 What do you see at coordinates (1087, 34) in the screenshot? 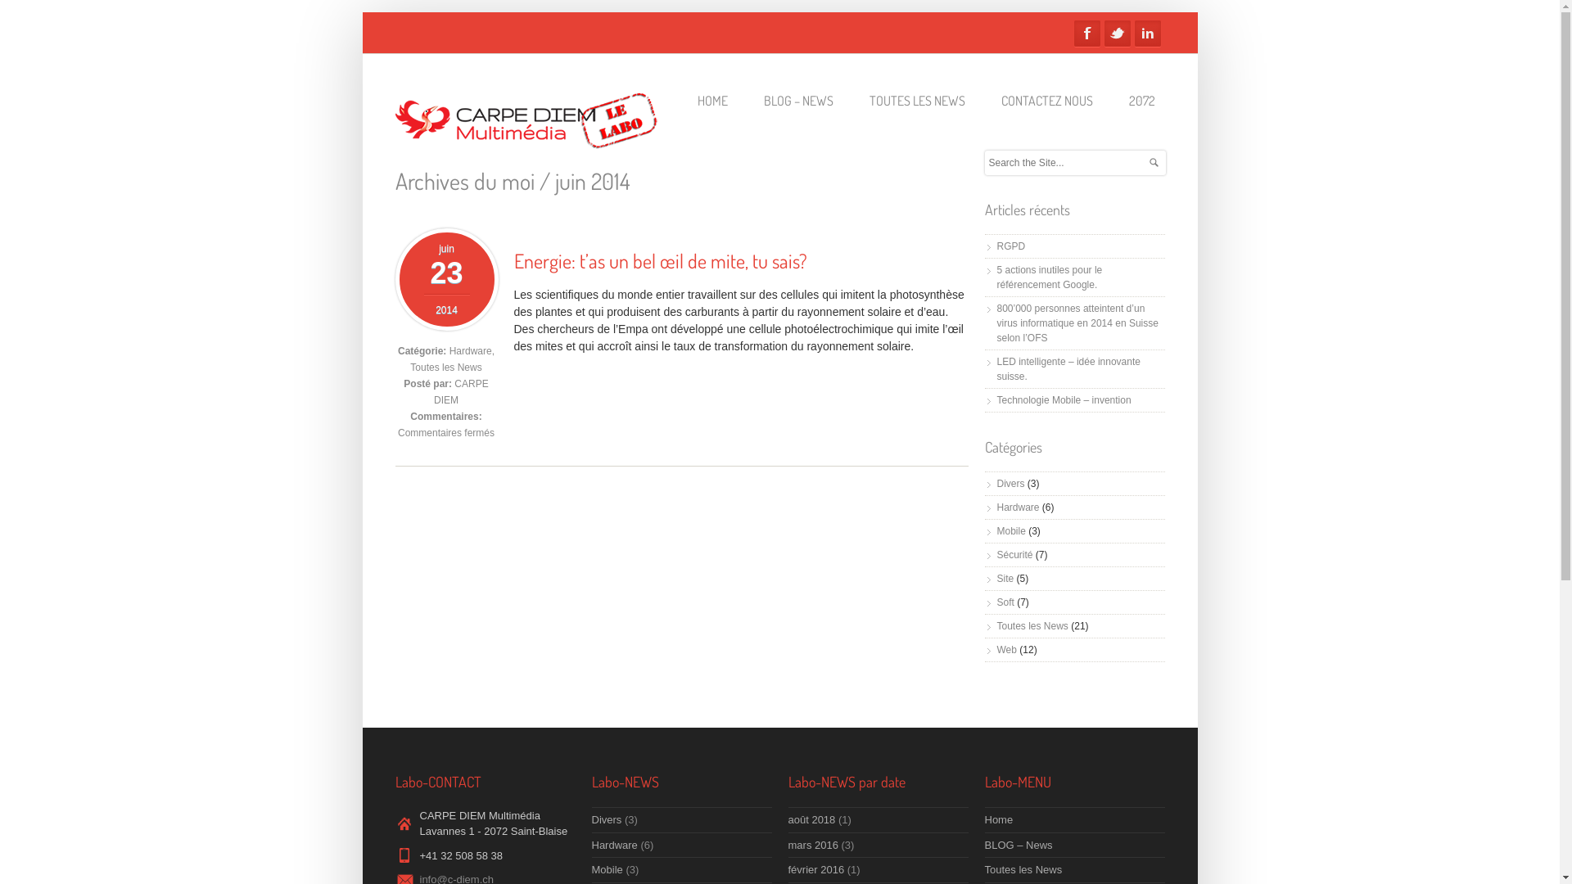
I see `'Facebook'` at bounding box center [1087, 34].